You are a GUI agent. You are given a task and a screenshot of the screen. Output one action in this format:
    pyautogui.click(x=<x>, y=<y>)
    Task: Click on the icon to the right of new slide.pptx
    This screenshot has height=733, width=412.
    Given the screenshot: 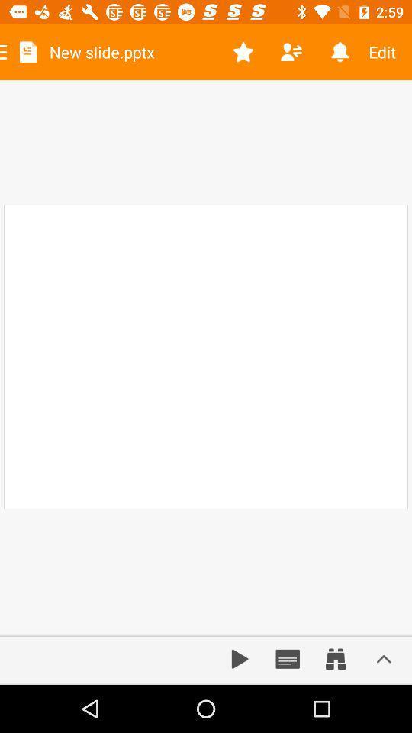 What is the action you would take?
    pyautogui.click(x=243, y=52)
    